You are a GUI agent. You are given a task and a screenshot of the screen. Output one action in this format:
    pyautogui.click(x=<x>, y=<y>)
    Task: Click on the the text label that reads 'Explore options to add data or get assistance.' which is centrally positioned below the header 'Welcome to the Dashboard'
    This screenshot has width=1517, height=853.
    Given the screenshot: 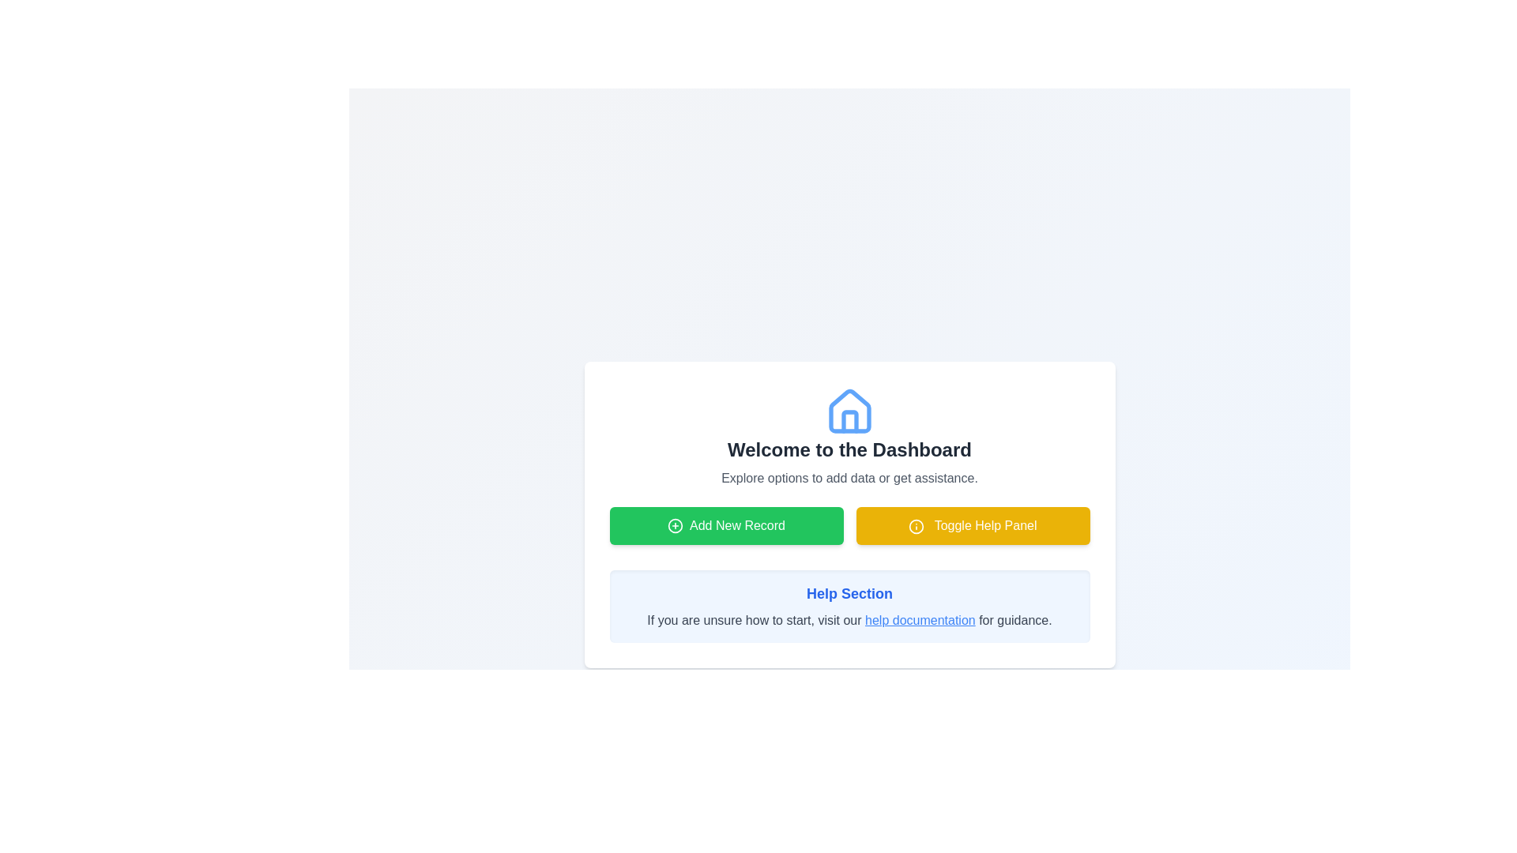 What is the action you would take?
    pyautogui.click(x=849, y=477)
    